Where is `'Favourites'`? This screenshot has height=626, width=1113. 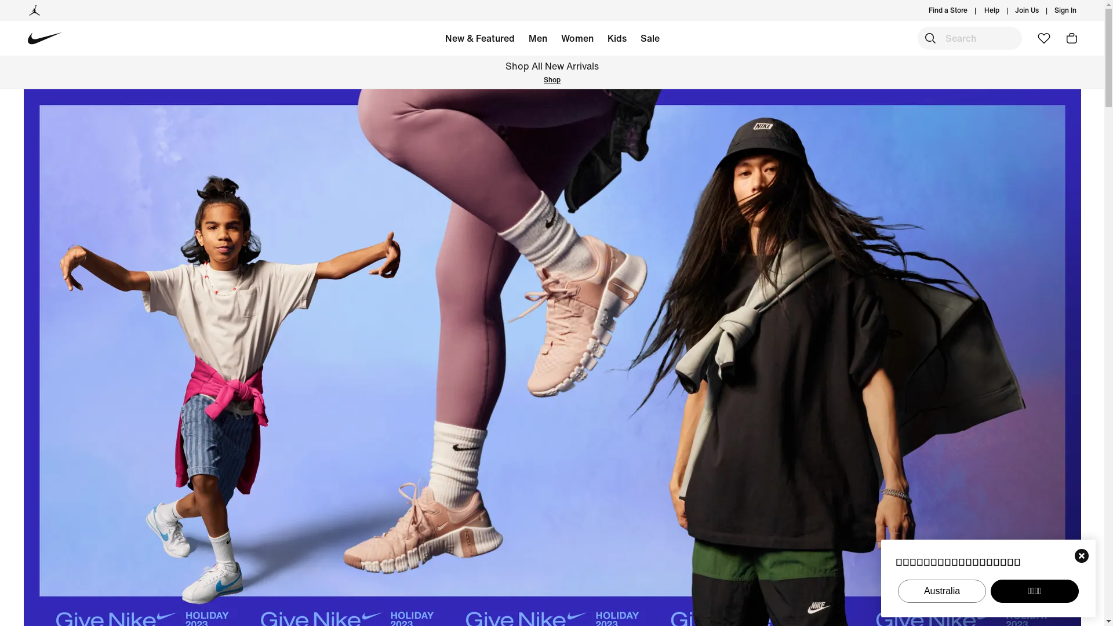
'Favourites' is located at coordinates (1043, 37).